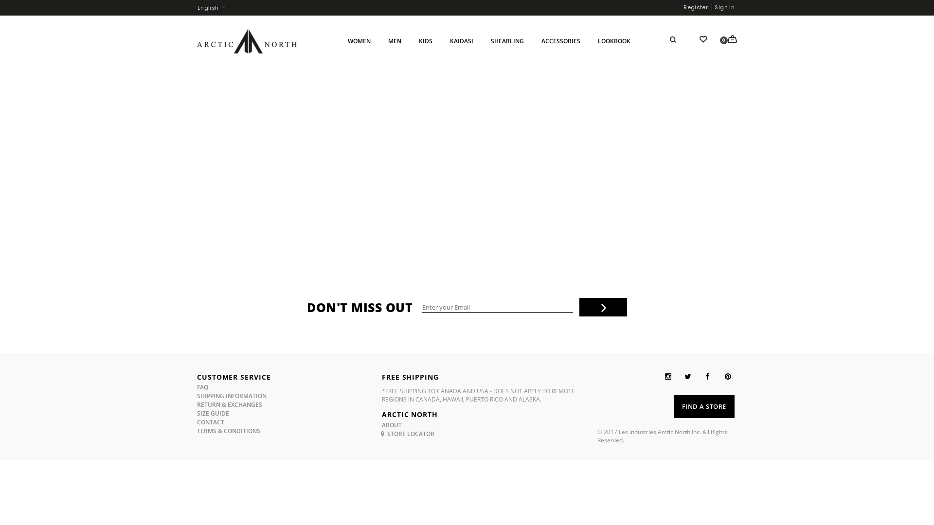 This screenshot has height=525, width=934. Describe the element at coordinates (724, 7) in the screenshot. I see `'Sign in'` at that location.